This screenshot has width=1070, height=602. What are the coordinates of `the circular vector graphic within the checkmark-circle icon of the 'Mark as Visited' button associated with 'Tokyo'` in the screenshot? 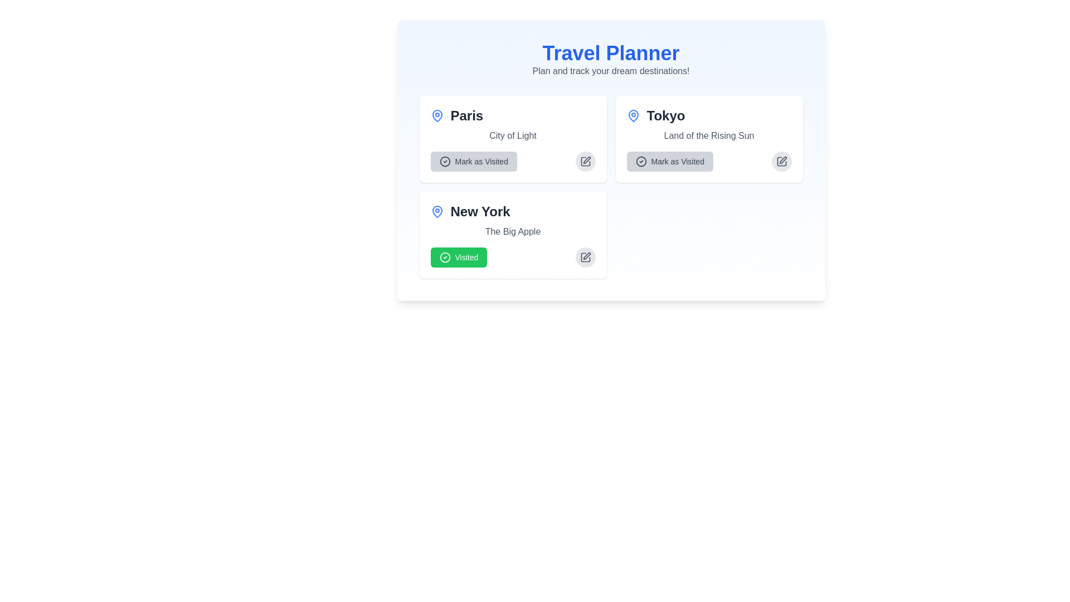 It's located at (641, 161).